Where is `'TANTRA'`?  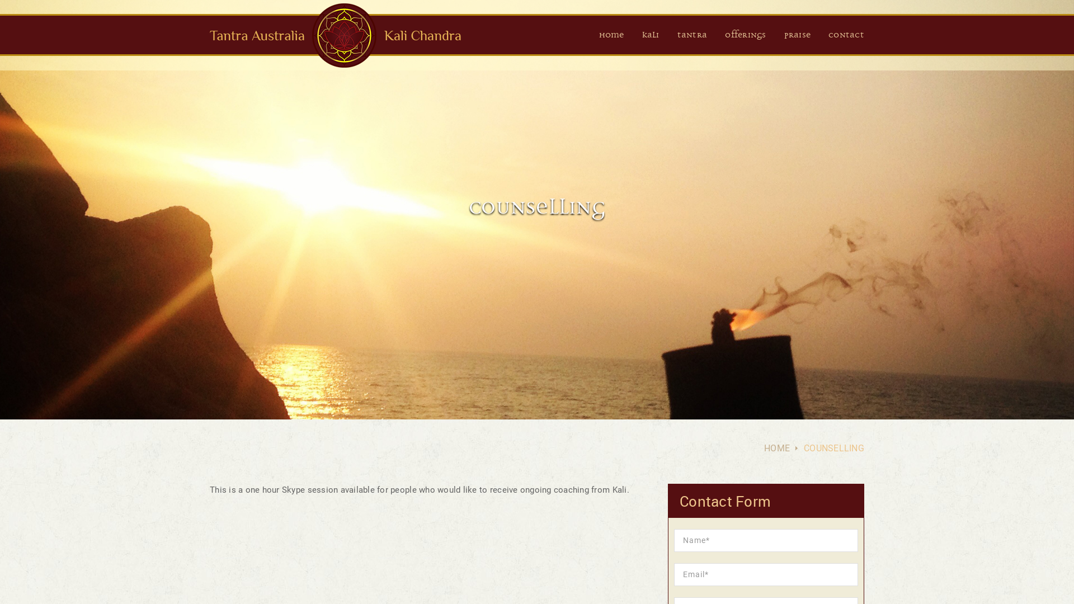
'TANTRA' is located at coordinates (676, 35).